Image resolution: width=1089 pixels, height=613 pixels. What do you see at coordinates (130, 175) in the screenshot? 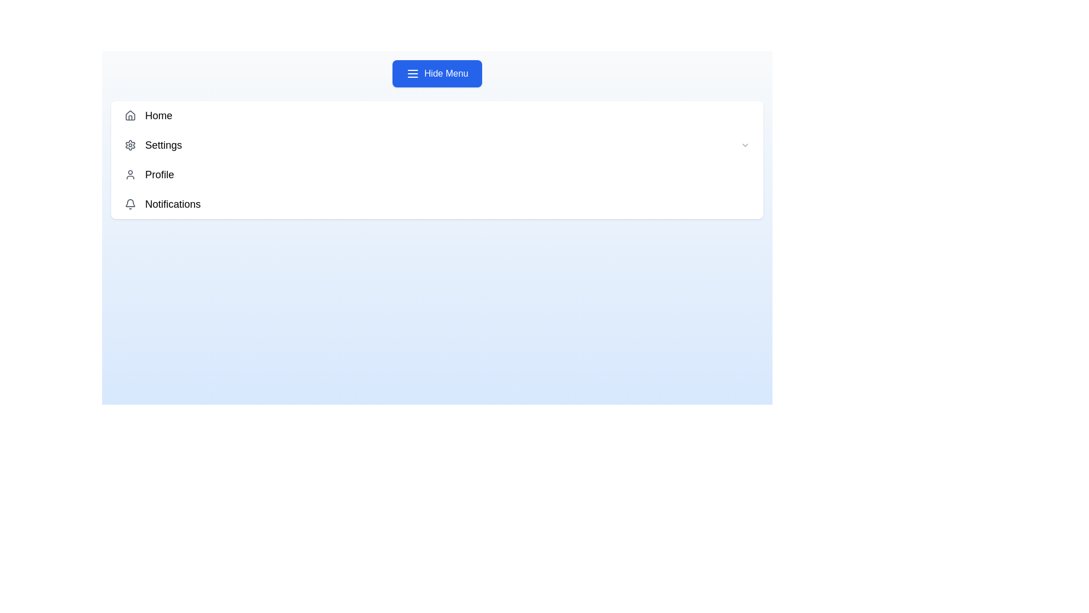
I see `the user profile icon, which is a gray SVG graphic located to the left of the 'Profile' text in the vertical navigation menu` at bounding box center [130, 175].